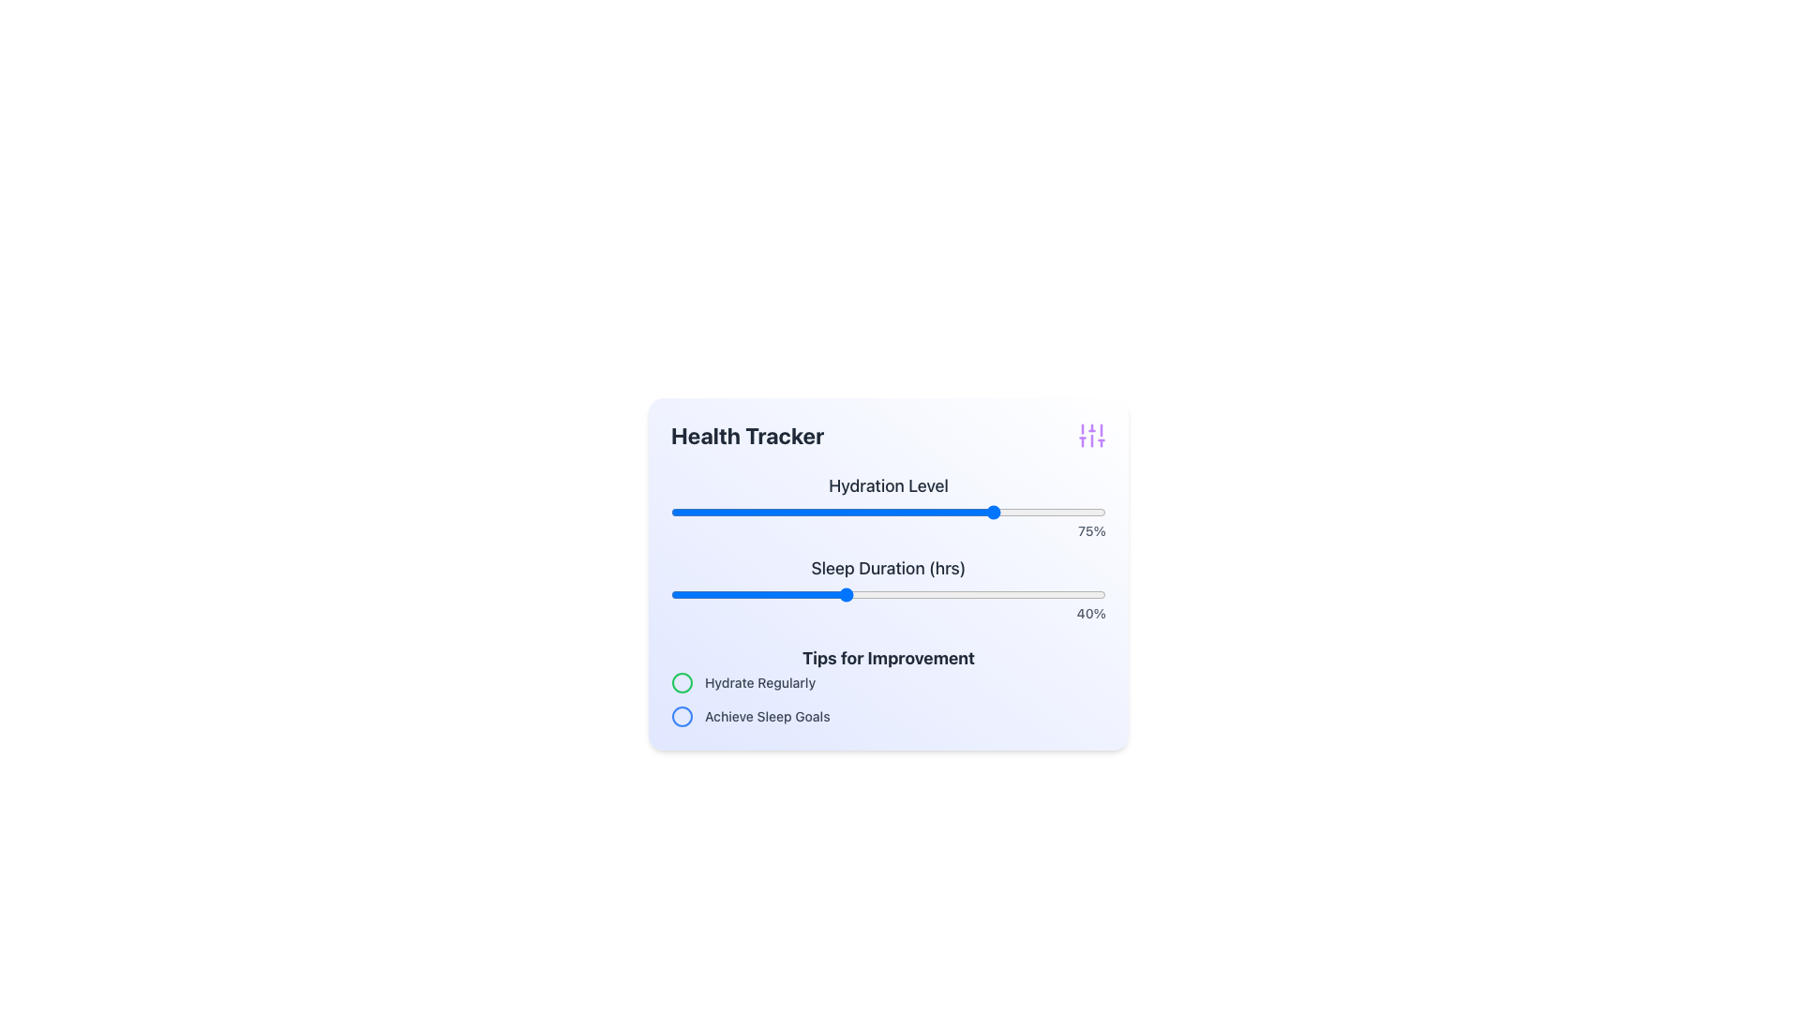 This screenshot has width=1800, height=1012. Describe the element at coordinates (687, 513) in the screenshot. I see `the hydration level` at that location.